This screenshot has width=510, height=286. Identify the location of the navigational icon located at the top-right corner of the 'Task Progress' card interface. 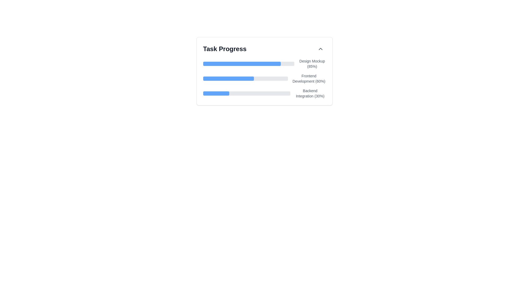
(320, 49).